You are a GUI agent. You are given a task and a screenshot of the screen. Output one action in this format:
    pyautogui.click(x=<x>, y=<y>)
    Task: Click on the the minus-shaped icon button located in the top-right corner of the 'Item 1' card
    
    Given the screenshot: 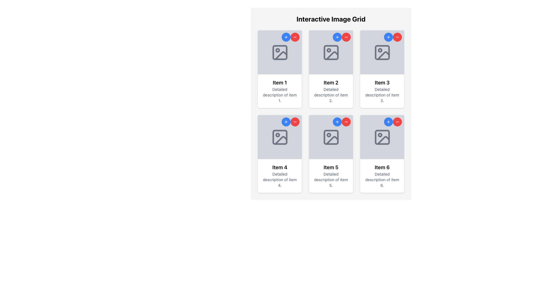 What is the action you would take?
    pyautogui.click(x=295, y=37)
    